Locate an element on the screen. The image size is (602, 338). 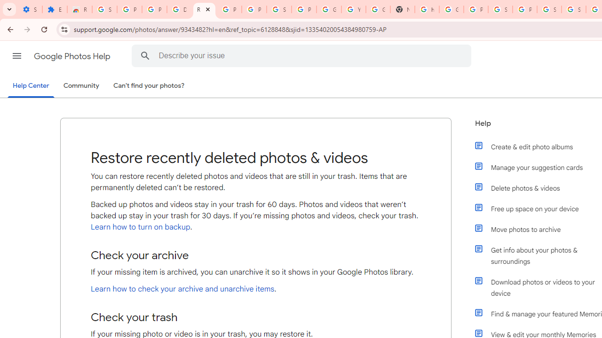
'Google Account' is located at coordinates (329, 9).